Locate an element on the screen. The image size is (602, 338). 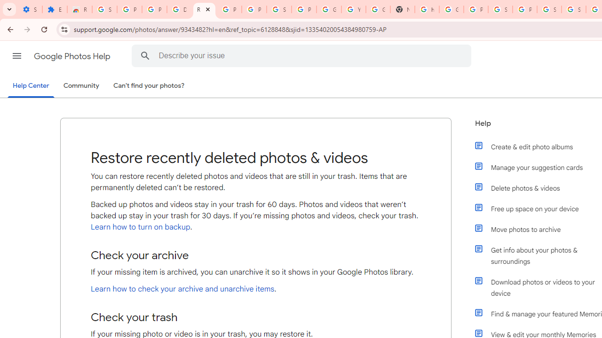
'Google Account' is located at coordinates (329, 9).